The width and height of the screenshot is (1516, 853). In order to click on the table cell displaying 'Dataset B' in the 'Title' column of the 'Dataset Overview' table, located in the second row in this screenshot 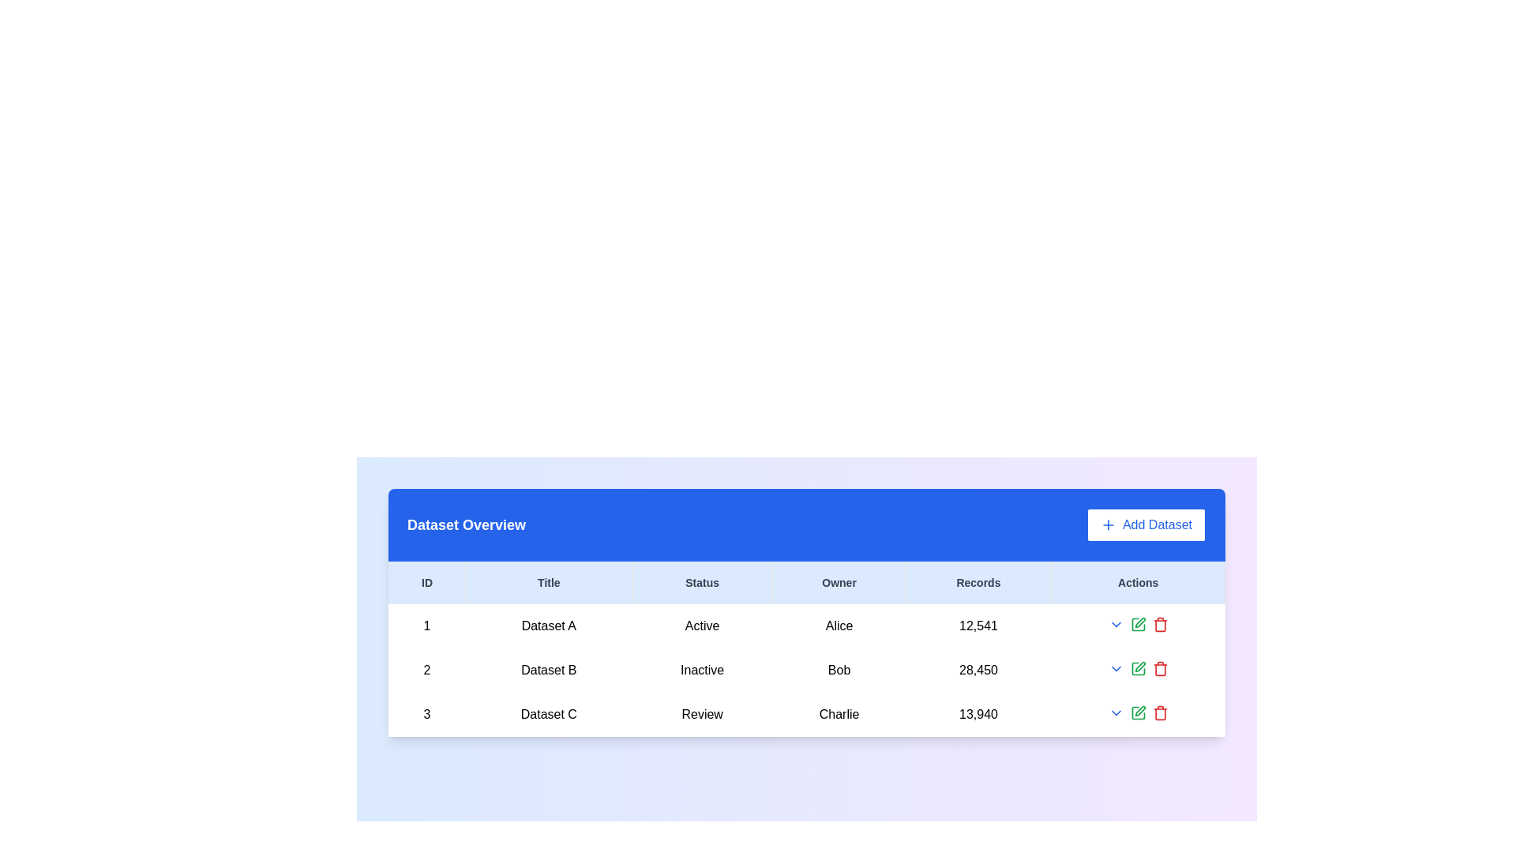, I will do `click(549, 670)`.